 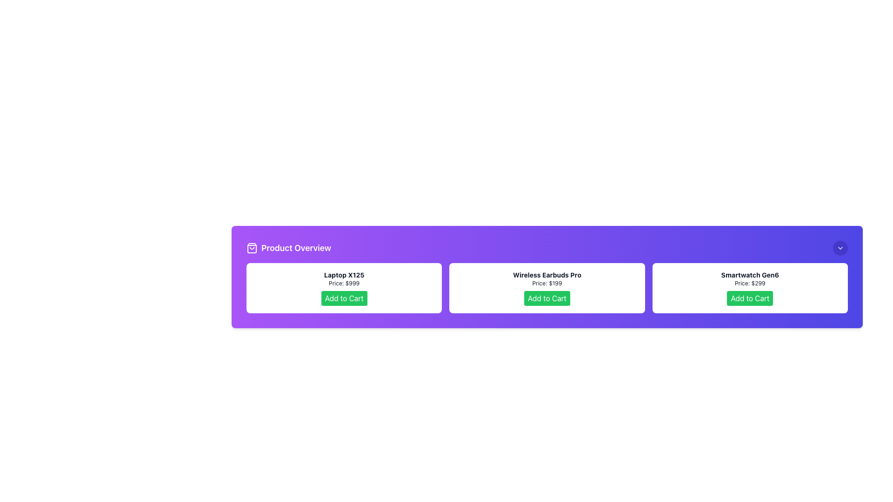 What do you see at coordinates (750, 288) in the screenshot?
I see `the 'Add to Cart' button within the Composite component that features the title 'Smartwatch Gen6' and price information` at bounding box center [750, 288].